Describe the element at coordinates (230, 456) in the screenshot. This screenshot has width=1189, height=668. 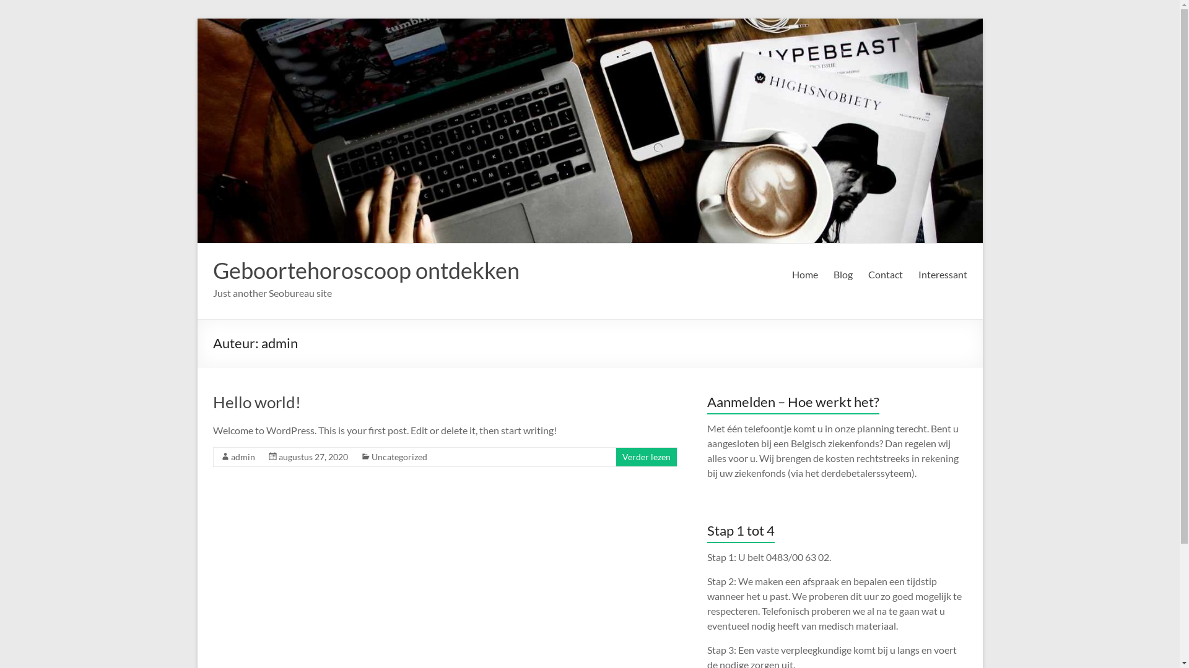
I see `'admin'` at that location.